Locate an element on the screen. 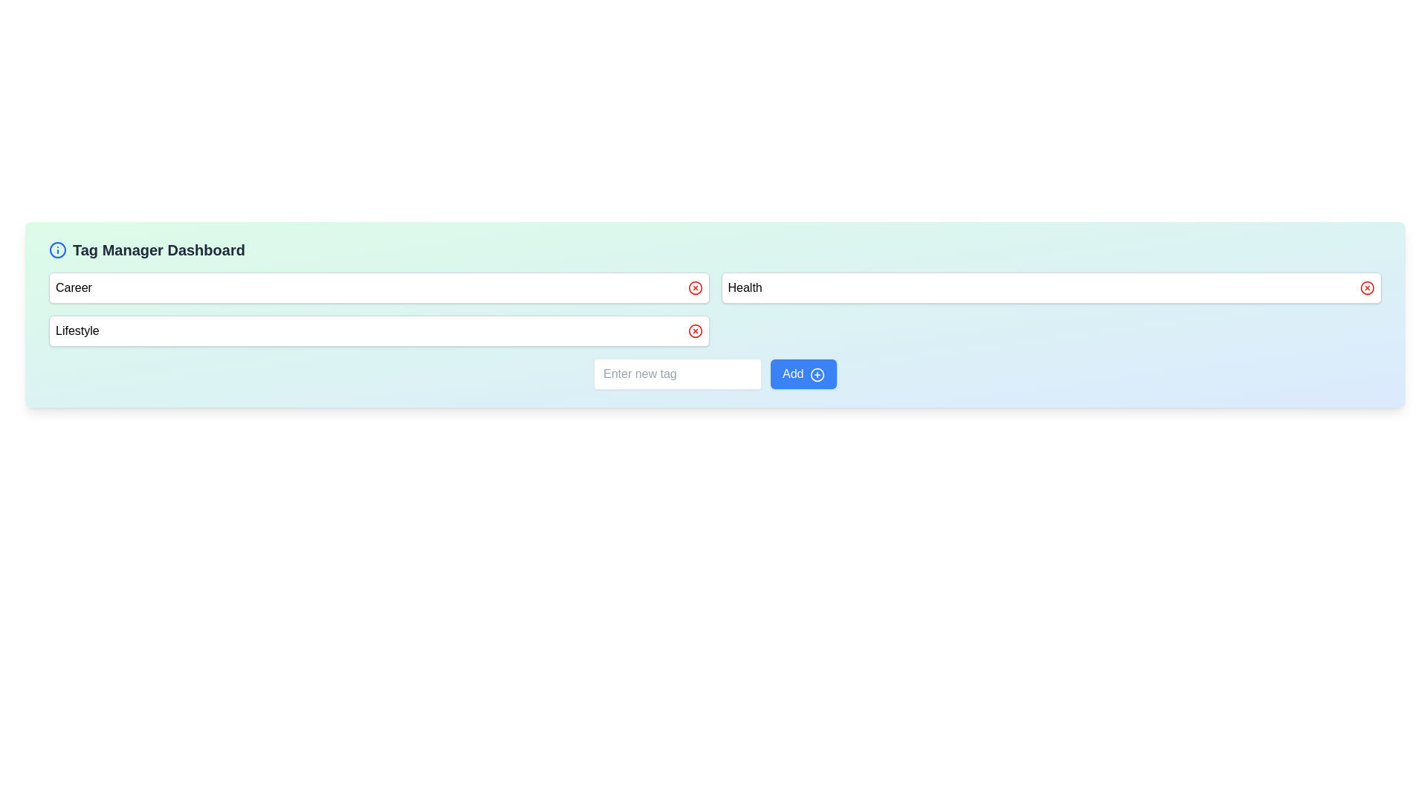 The width and height of the screenshot is (1427, 802). the circular blue outlined 'info' icon located to the left of 'Tag Manager Dashboard' is located at coordinates (57, 249).